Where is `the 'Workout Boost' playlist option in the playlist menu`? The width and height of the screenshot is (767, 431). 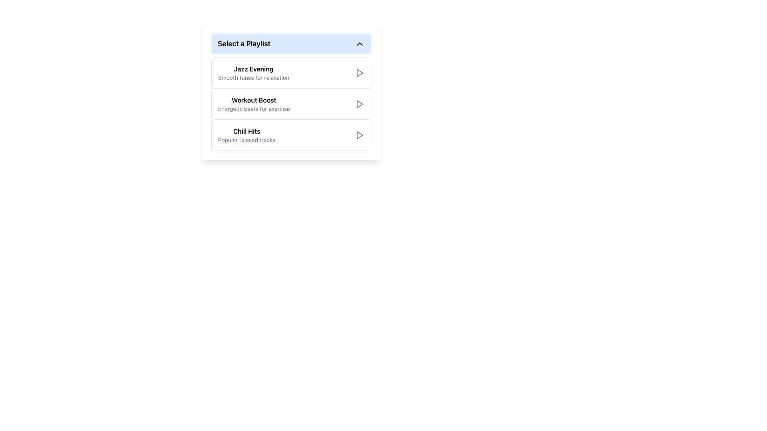 the 'Workout Boost' playlist option in the playlist menu is located at coordinates (253, 104).